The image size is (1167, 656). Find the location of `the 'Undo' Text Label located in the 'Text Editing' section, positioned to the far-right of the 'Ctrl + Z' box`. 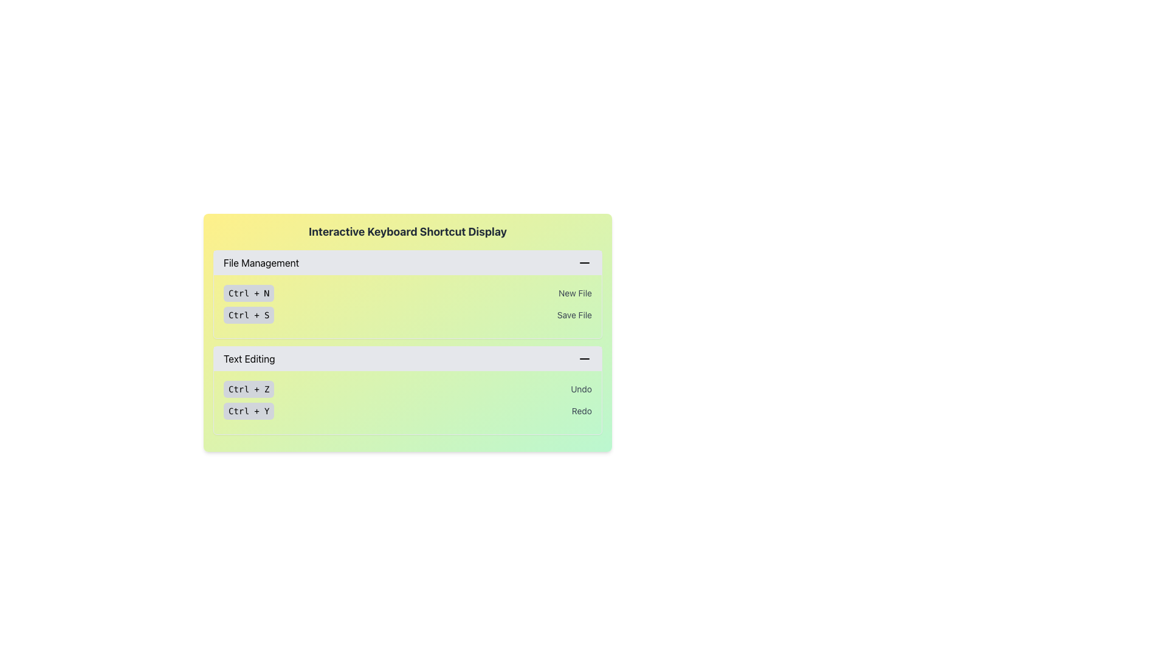

the 'Undo' Text Label located in the 'Text Editing' section, positioned to the far-right of the 'Ctrl + Z' box is located at coordinates (580, 389).